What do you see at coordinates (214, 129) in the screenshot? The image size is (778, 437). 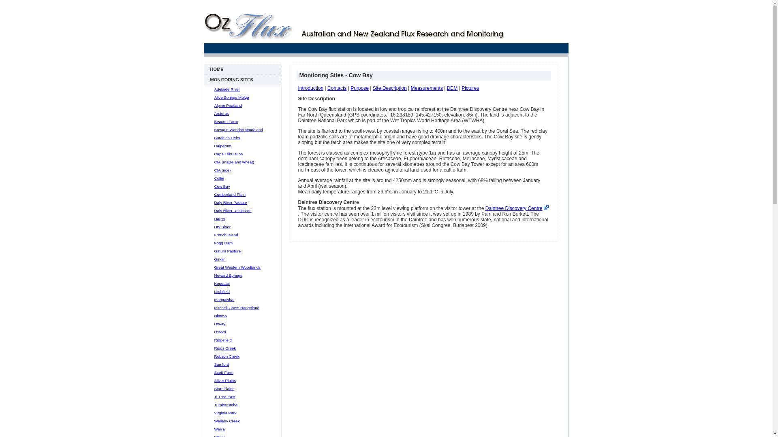 I see `'Boyagin Wandoo Woodland'` at bounding box center [214, 129].